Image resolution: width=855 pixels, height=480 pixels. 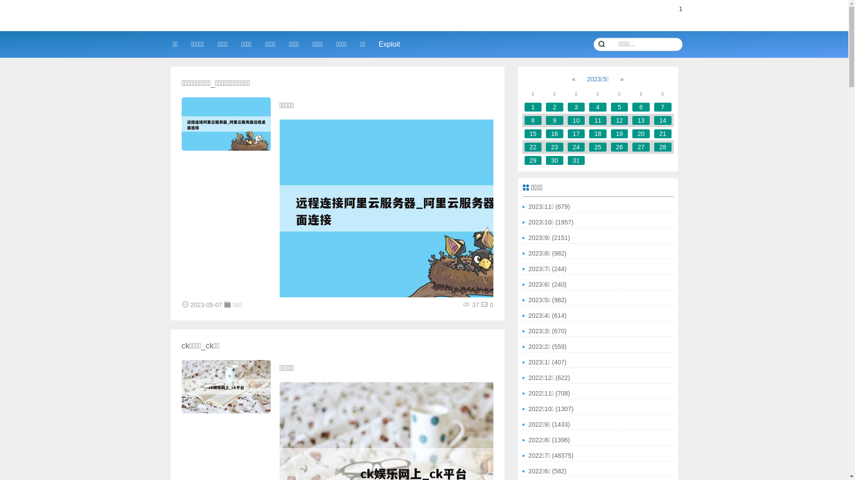 I want to click on 'Exploit', so click(x=389, y=44).